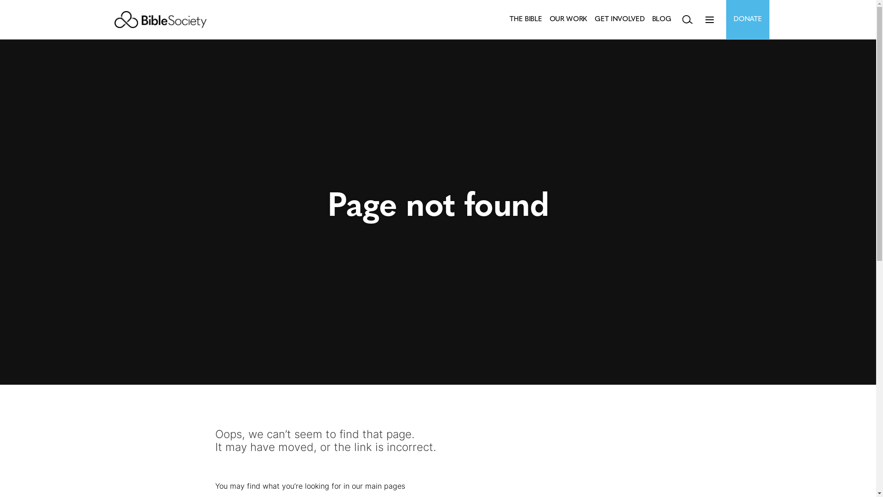  I want to click on 'THE BIBLE', so click(525, 19).